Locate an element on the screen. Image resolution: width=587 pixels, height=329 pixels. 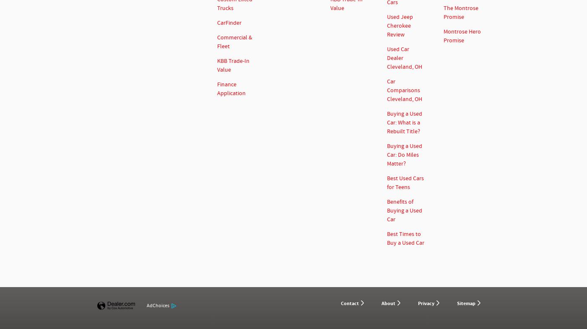
'Used Car Dealer Cleveland, OH' is located at coordinates (405, 58).